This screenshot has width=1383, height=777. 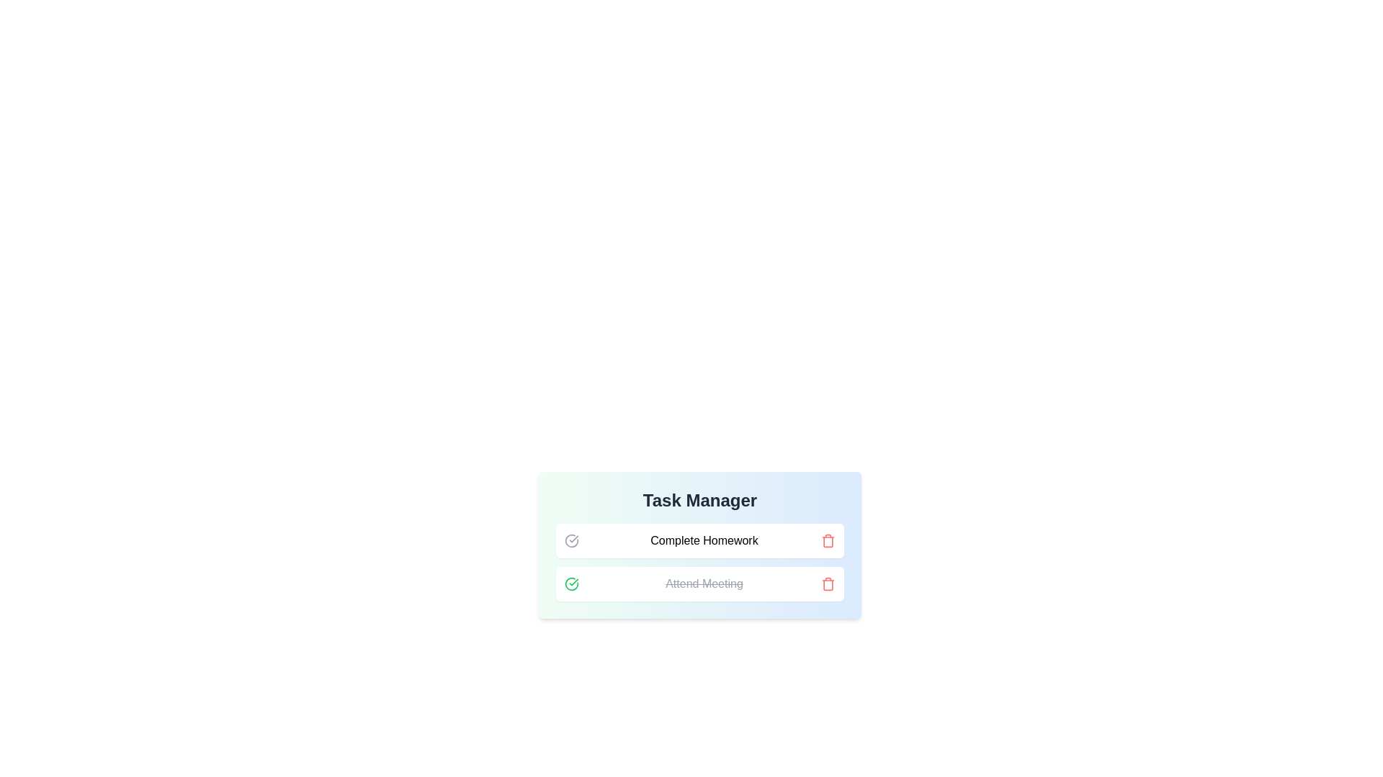 I want to click on the trash icon to delete the task Attend Meeting, so click(x=828, y=584).